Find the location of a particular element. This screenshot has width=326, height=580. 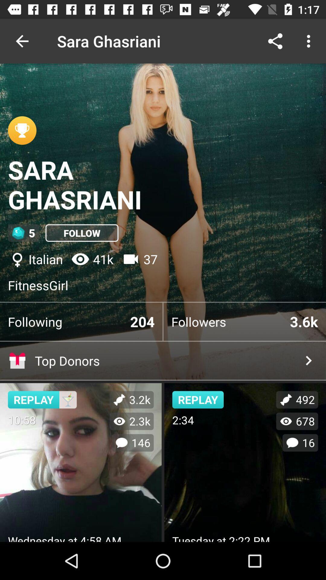

the icon next to the 5 item is located at coordinates (82, 233).